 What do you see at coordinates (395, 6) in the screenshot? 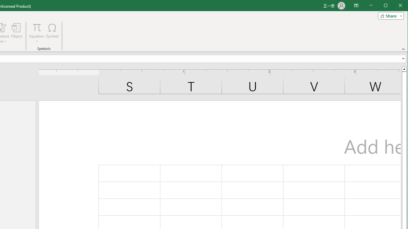
I see `'Maximize'` at bounding box center [395, 6].